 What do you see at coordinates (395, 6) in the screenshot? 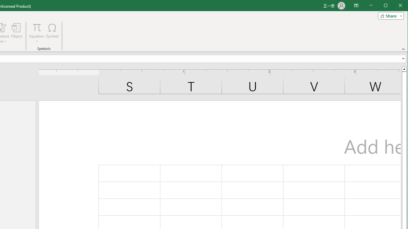
I see `'Maximize'` at bounding box center [395, 6].